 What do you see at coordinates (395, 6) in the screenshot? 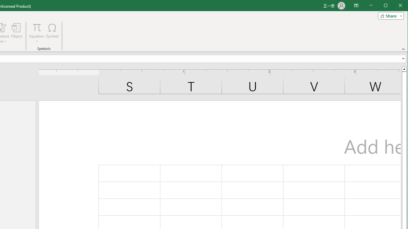
I see `'Maximize'` at bounding box center [395, 6].